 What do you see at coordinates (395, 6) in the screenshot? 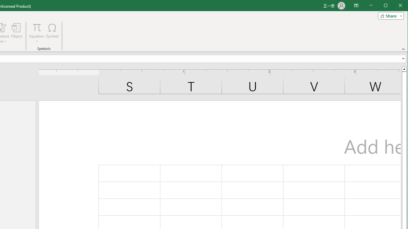
I see `'Maximize'` at bounding box center [395, 6].